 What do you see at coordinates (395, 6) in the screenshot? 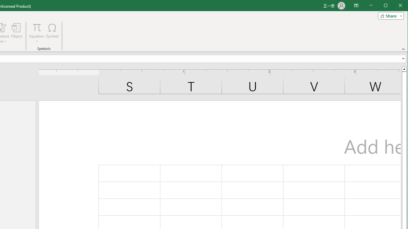
I see `'Maximize'` at bounding box center [395, 6].